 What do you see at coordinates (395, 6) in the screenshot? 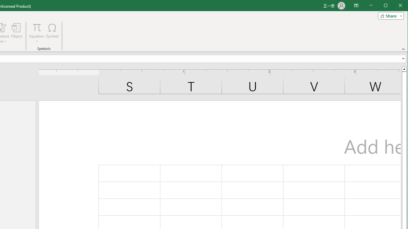
I see `'Maximize'` at bounding box center [395, 6].